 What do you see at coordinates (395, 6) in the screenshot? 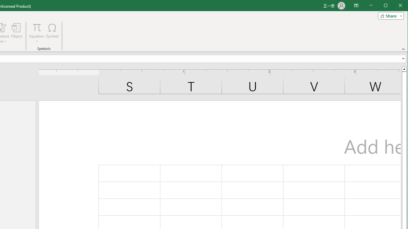
I see `'Maximize'` at bounding box center [395, 6].